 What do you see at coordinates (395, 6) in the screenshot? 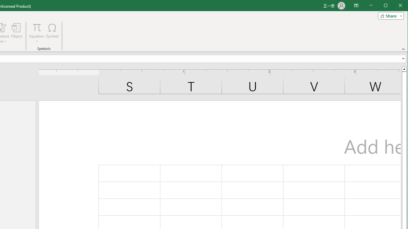
I see `'Maximize'` at bounding box center [395, 6].